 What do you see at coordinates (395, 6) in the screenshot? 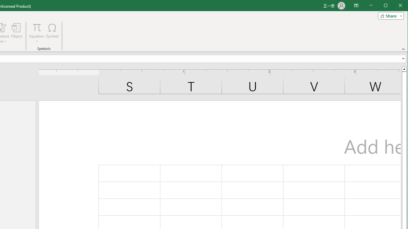
I see `'Maximize'` at bounding box center [395, 6].